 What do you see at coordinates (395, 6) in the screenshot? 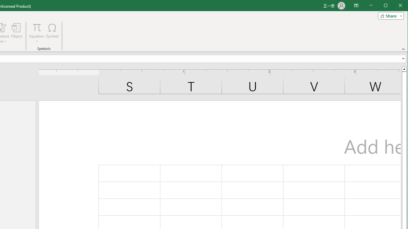
I see `'Maximize'` at bounding box center [395, 6].